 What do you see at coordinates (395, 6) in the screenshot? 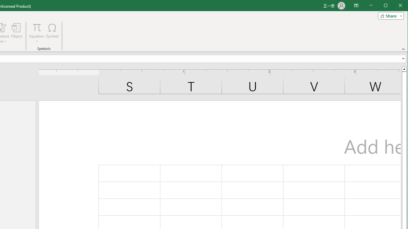
I see `'Maximize'` at bounding box center [395, 6].